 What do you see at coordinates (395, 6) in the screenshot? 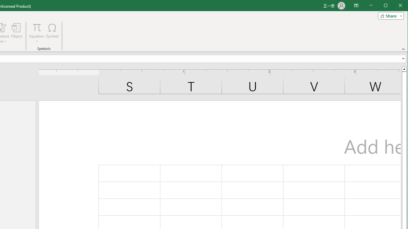
I see `'Maximize'` at bounding box center [395, 6].